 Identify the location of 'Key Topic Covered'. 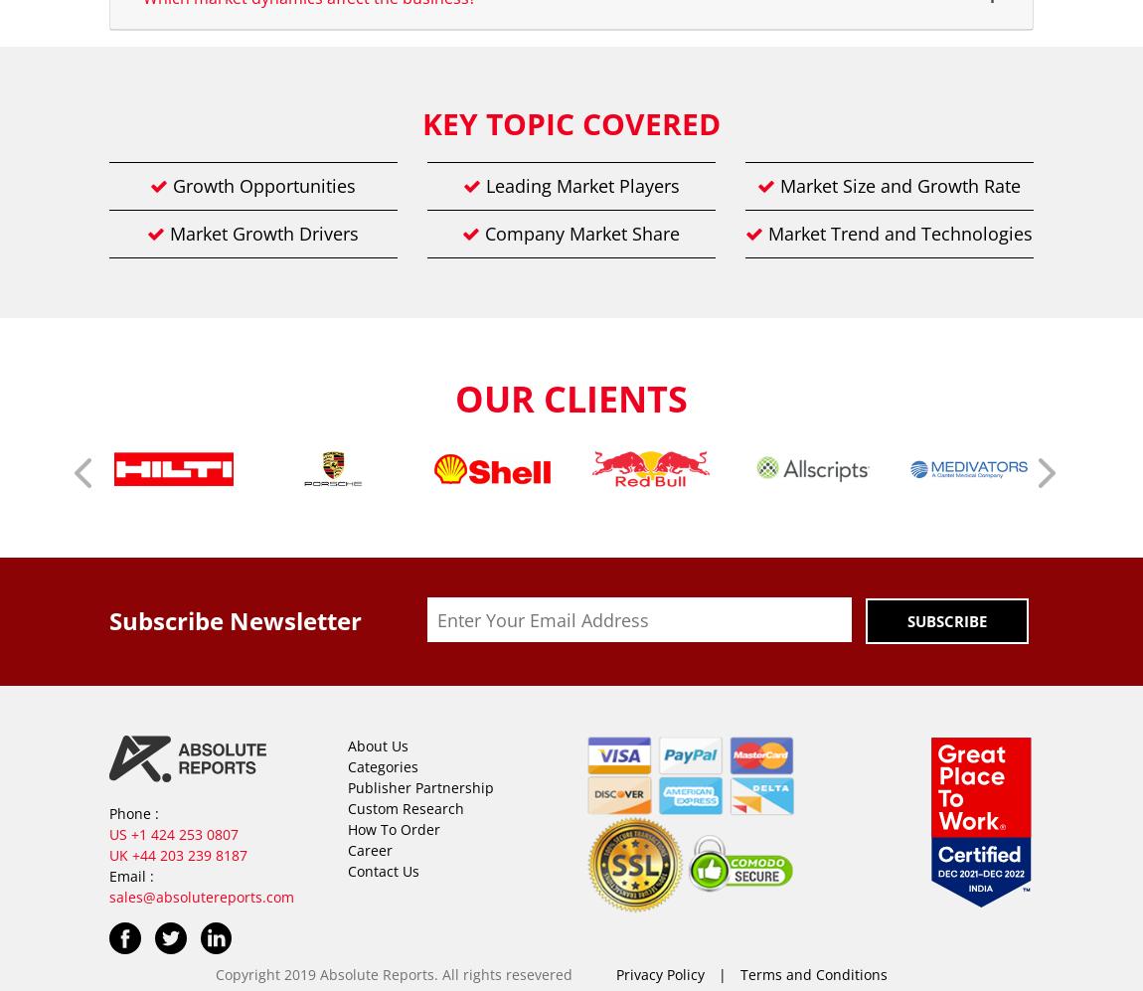
(571, 123).